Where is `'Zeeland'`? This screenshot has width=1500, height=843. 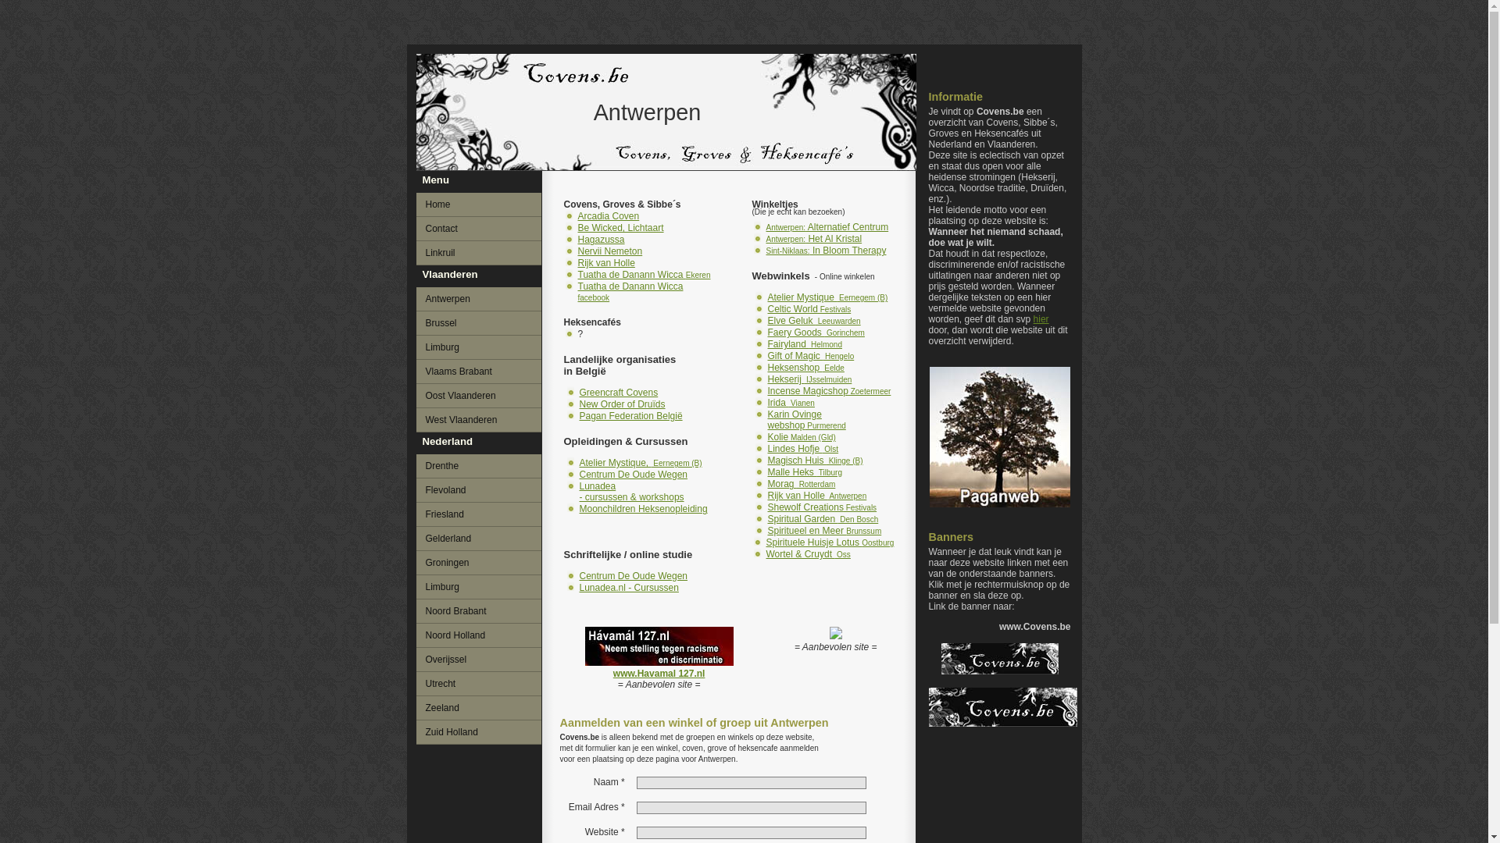 'Zeeland' is located at coordinates (477, 707).